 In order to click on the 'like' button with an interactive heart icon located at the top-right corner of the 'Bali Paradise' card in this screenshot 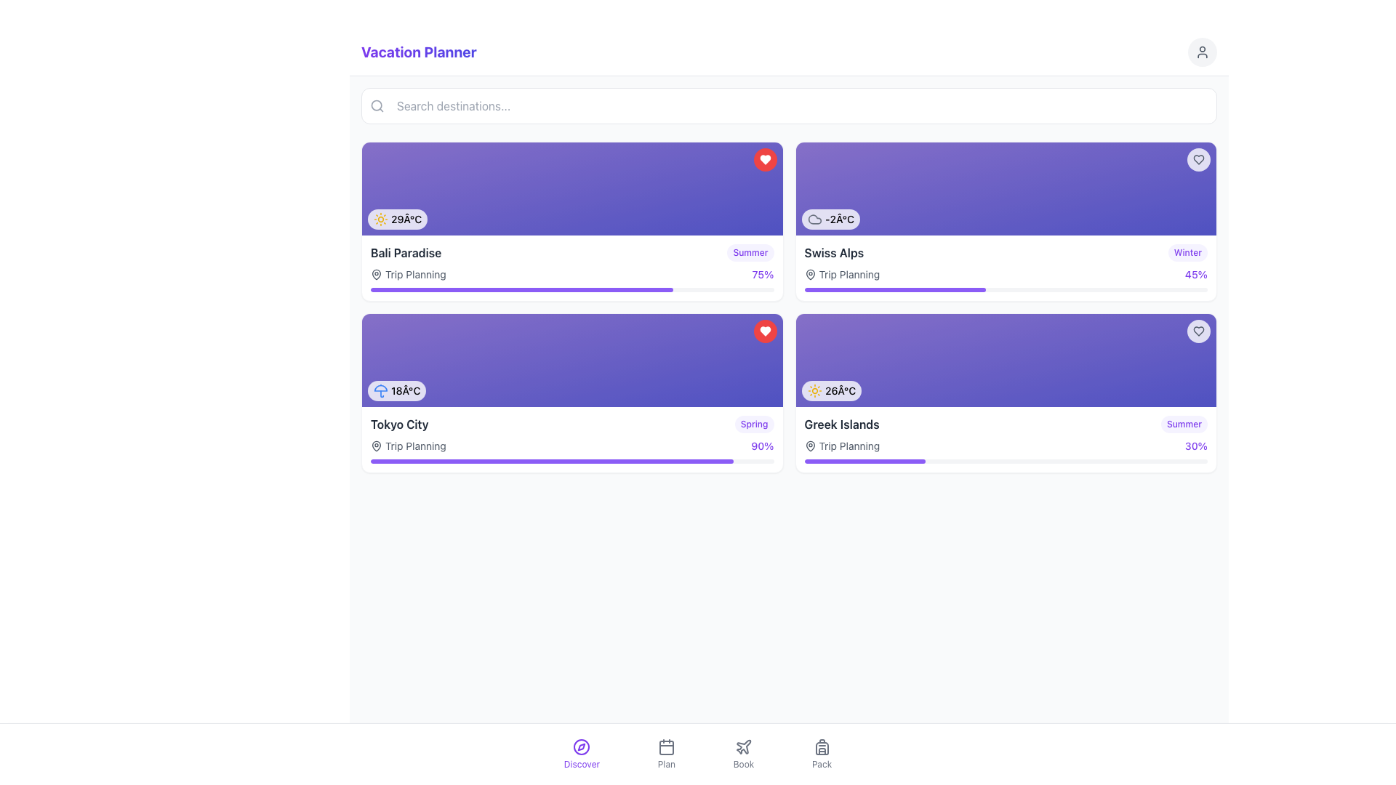, I will do `click(764, 159)`.